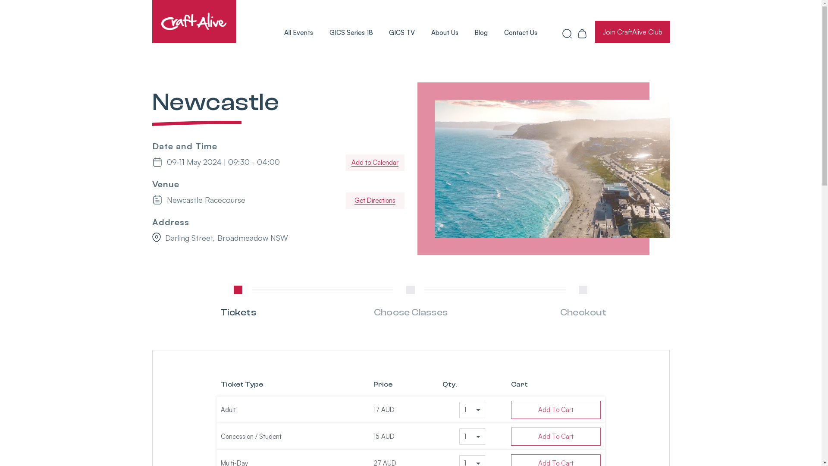 This screenshot has width=828, height=466. What do you see at coordinates (520, 32) in the screenshot?
I see `'Contact Us'` at bounding box center [520, 32].